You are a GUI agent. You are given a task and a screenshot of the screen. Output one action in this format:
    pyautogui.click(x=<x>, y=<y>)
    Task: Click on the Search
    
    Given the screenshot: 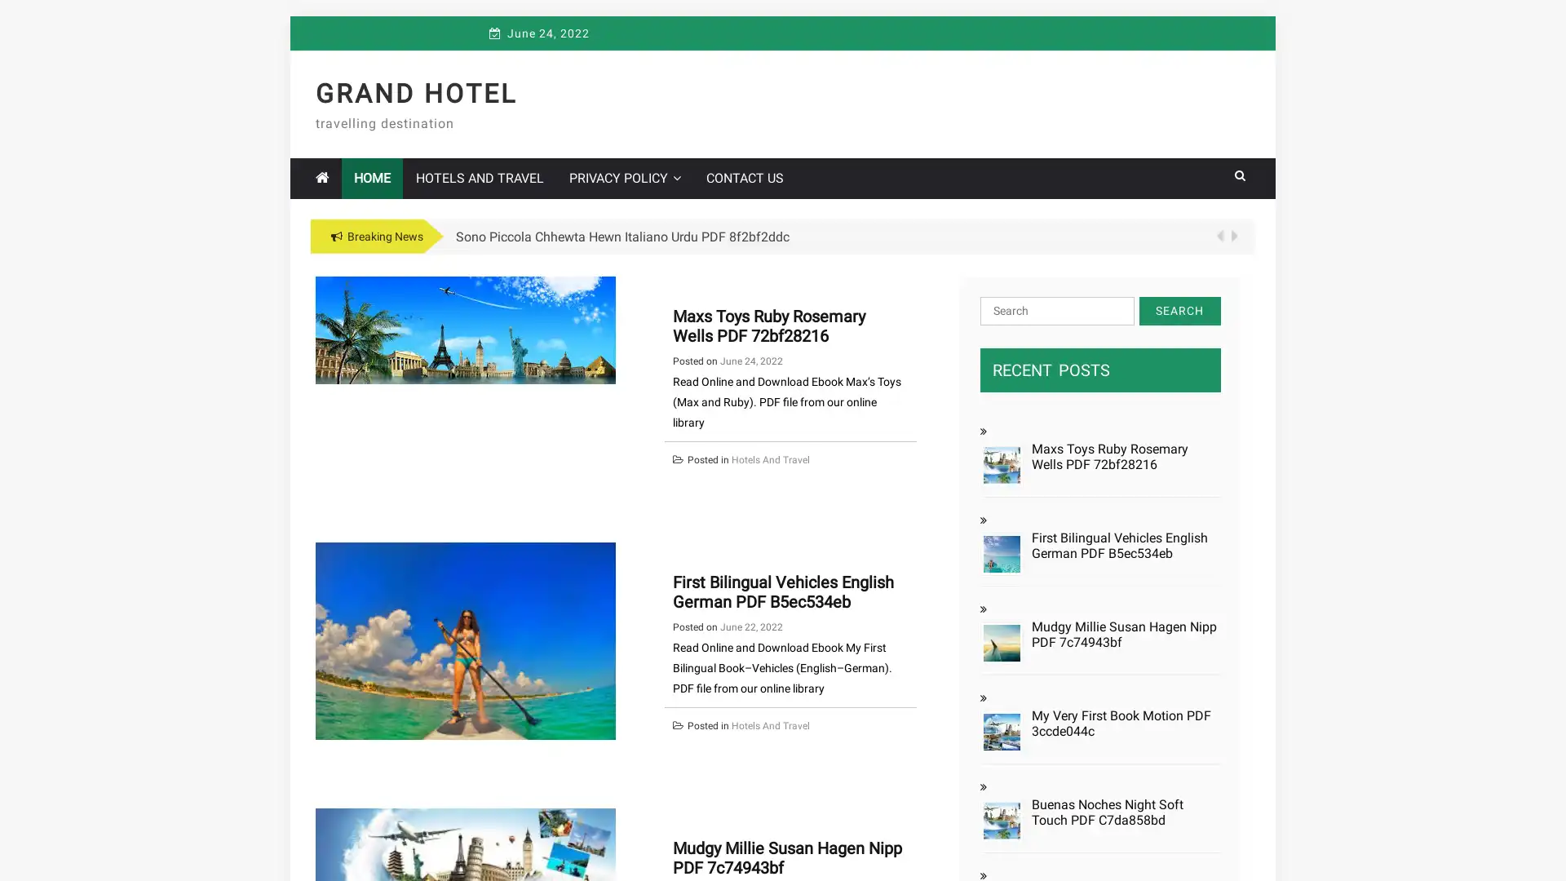 What is the action you would take?
    pyautogui.click(x=1179, y=310)
    